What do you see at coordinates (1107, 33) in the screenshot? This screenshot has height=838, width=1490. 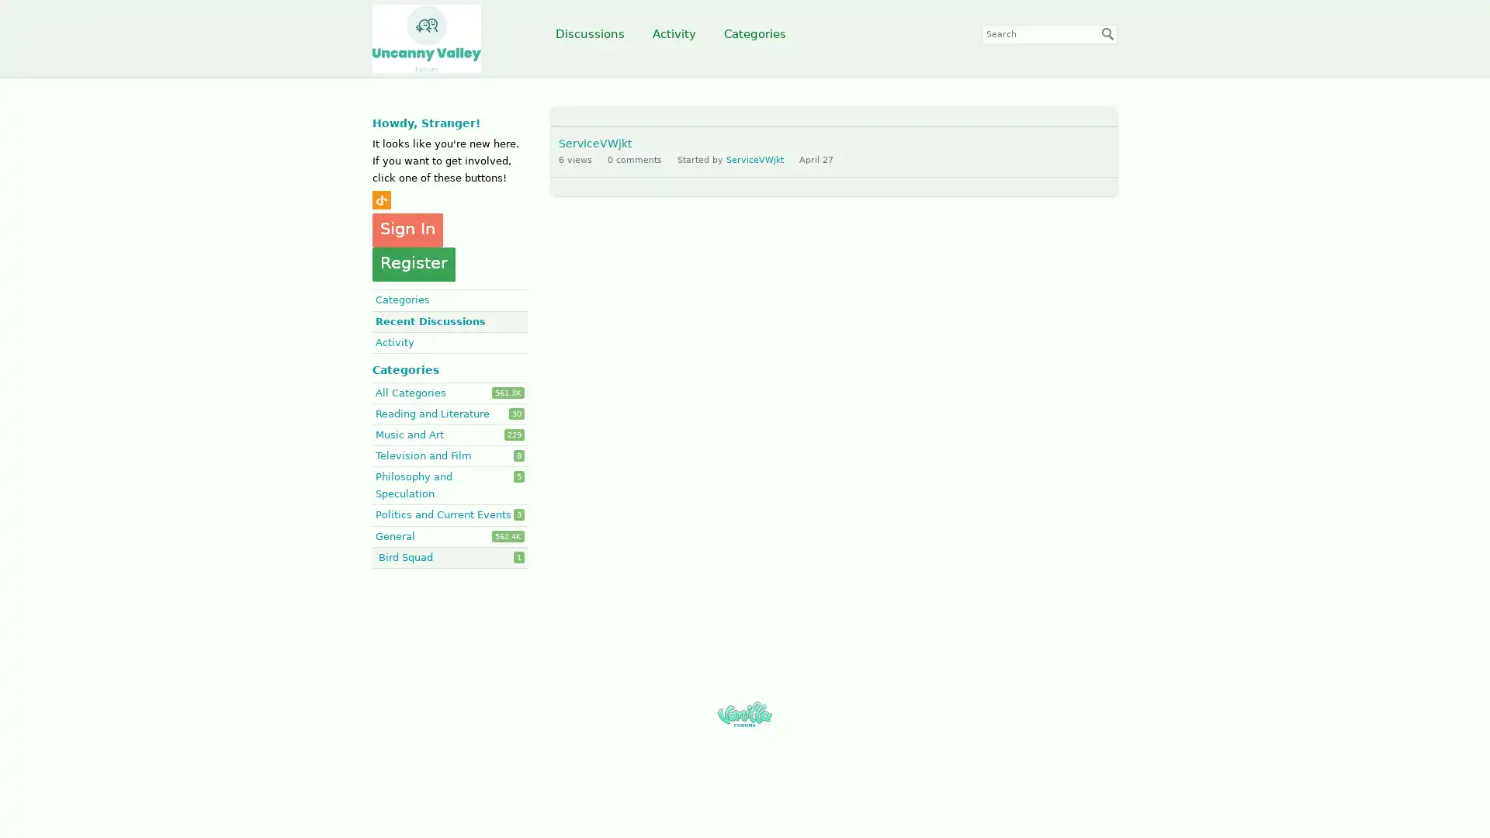 I see `Search` at bounding box center [1107, 33].